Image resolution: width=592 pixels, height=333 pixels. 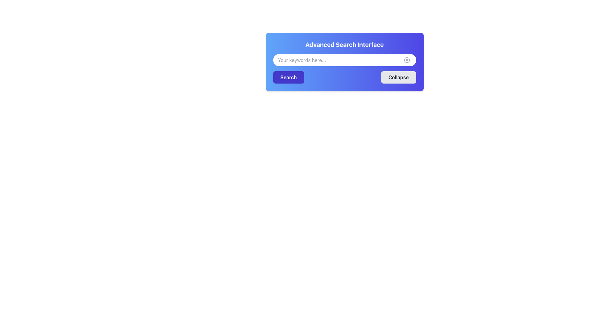 I want to click on the clear button icon located to the right of the text input field labeled 'Your keywords here...' in the advanced search interface to change its color, so click(x=407, y=60).